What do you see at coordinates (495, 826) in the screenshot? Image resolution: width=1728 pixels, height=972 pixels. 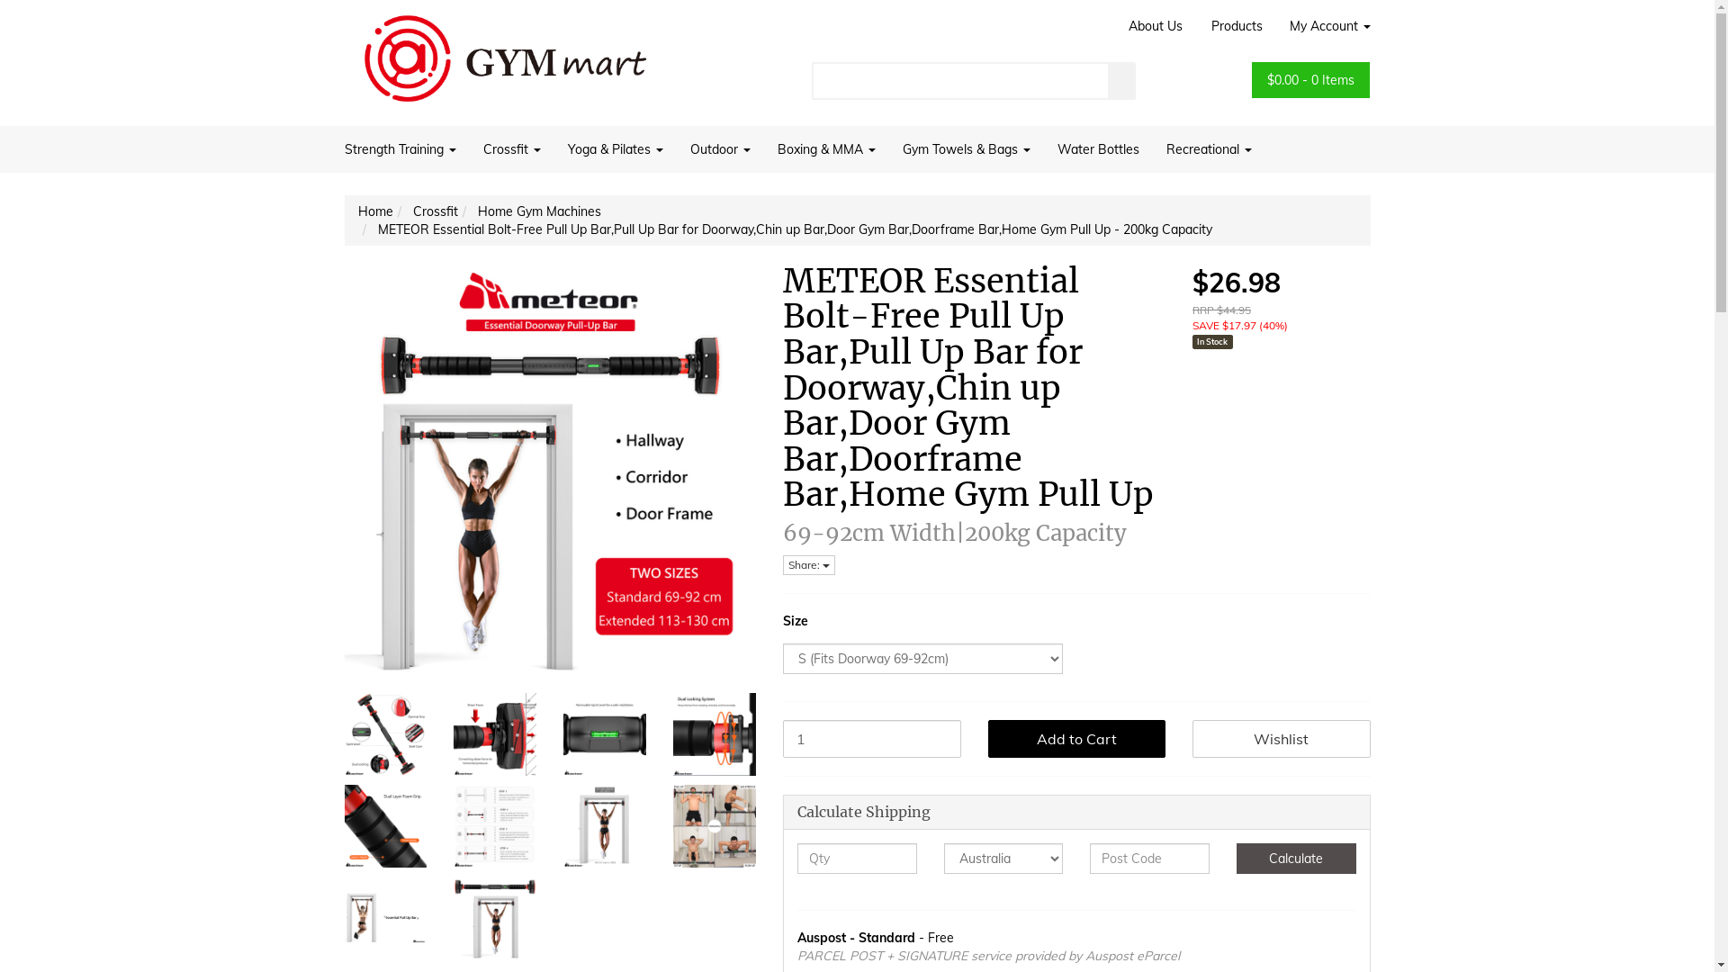 I see `'Large View'` at bounding box center [495, 826].